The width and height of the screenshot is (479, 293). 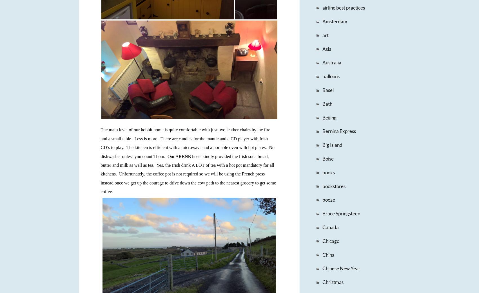 I want to click on 'The kitchen is efficient with a microwave and a portable oven with hot plates.', so click(x=126, y=147).